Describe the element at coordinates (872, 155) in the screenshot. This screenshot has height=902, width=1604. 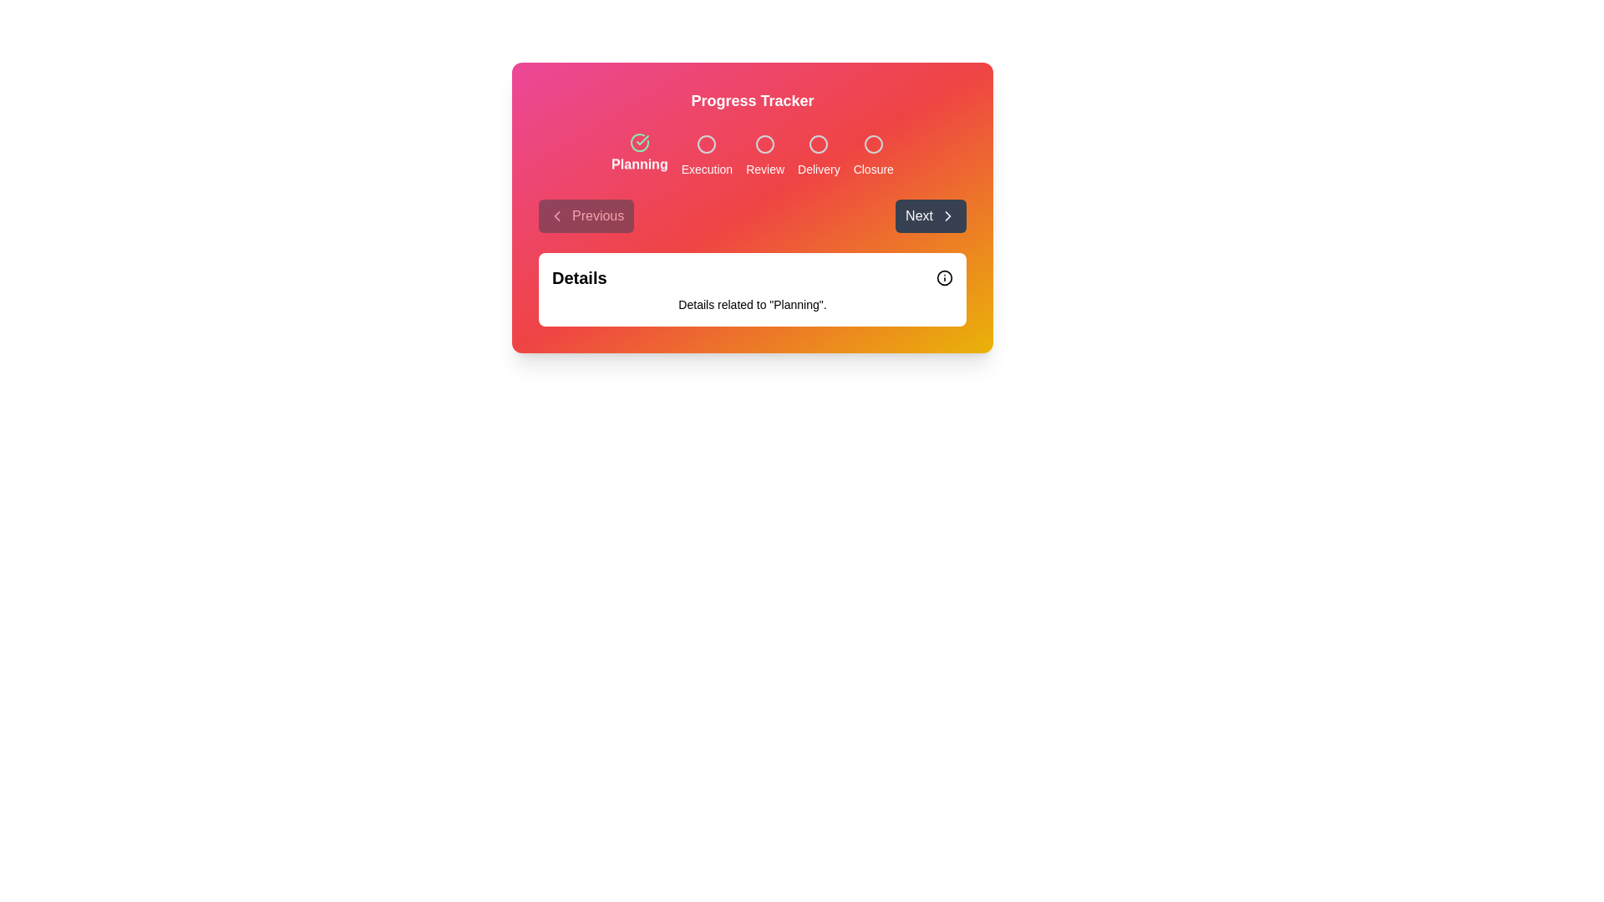
I see `to select the 'Closure' stage in the progress step indicator, which is the fifth element in a horizontal arrangement within the progress tracker system` at that location.